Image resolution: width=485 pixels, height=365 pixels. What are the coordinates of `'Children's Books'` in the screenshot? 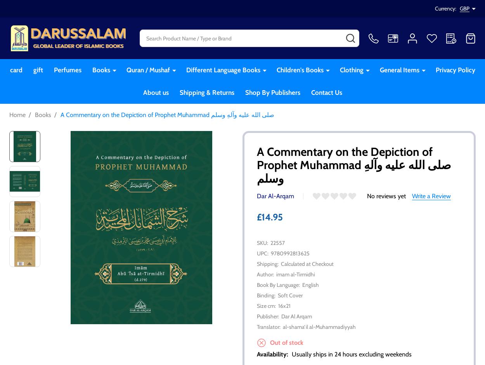 It's located at (300, 70).